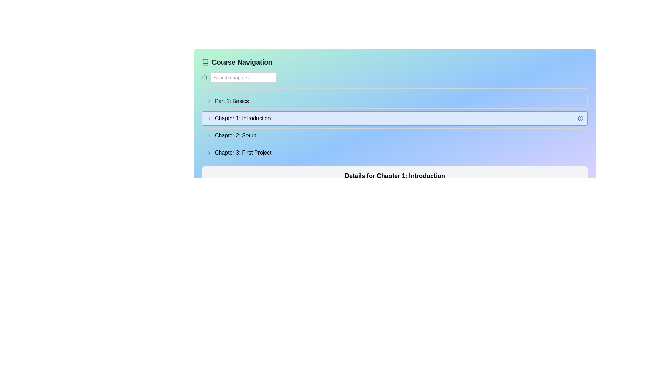  I want to click on text content of the text label displaying 'Details for Chapter 1: Introduction', which is styled in bold and larger font size, positioned above the text 'Overview and objectives', so click(395, 176).